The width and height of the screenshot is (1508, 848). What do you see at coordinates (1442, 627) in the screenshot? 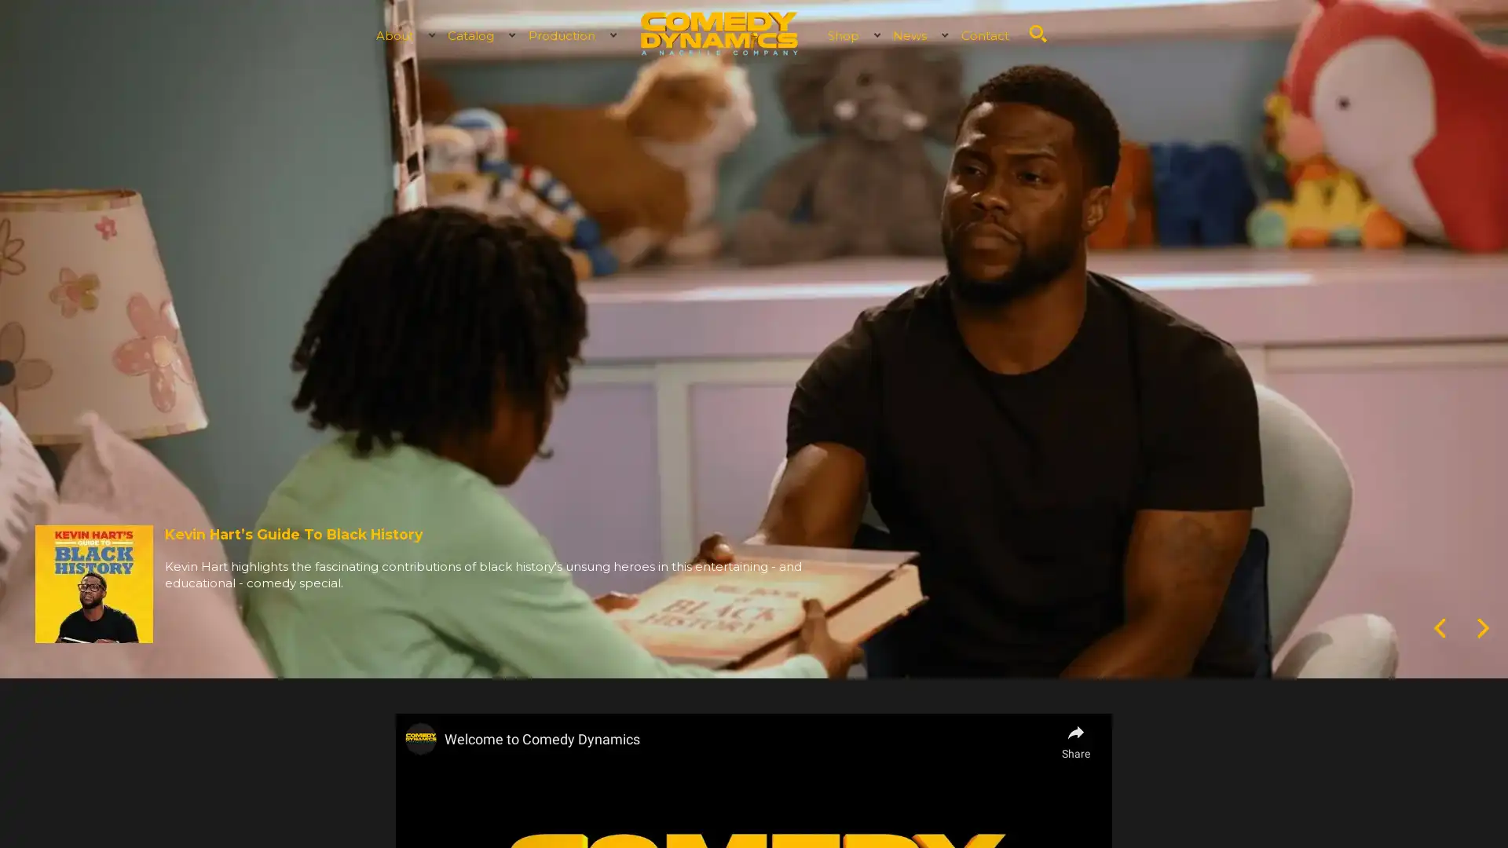
I see `Previous` at bounding box center [1442, 627].